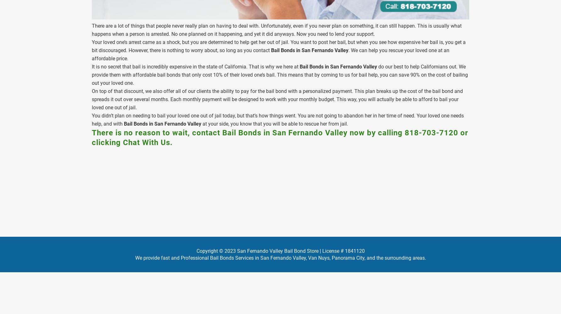 This screenshot has height=314, width=561. What do you see at coordinates (92, 66) in the screenshot?
I see `'It is no secret that bail is incredibly expensive in the state of California. That is why we here at'` at bounding box center [92, 66].